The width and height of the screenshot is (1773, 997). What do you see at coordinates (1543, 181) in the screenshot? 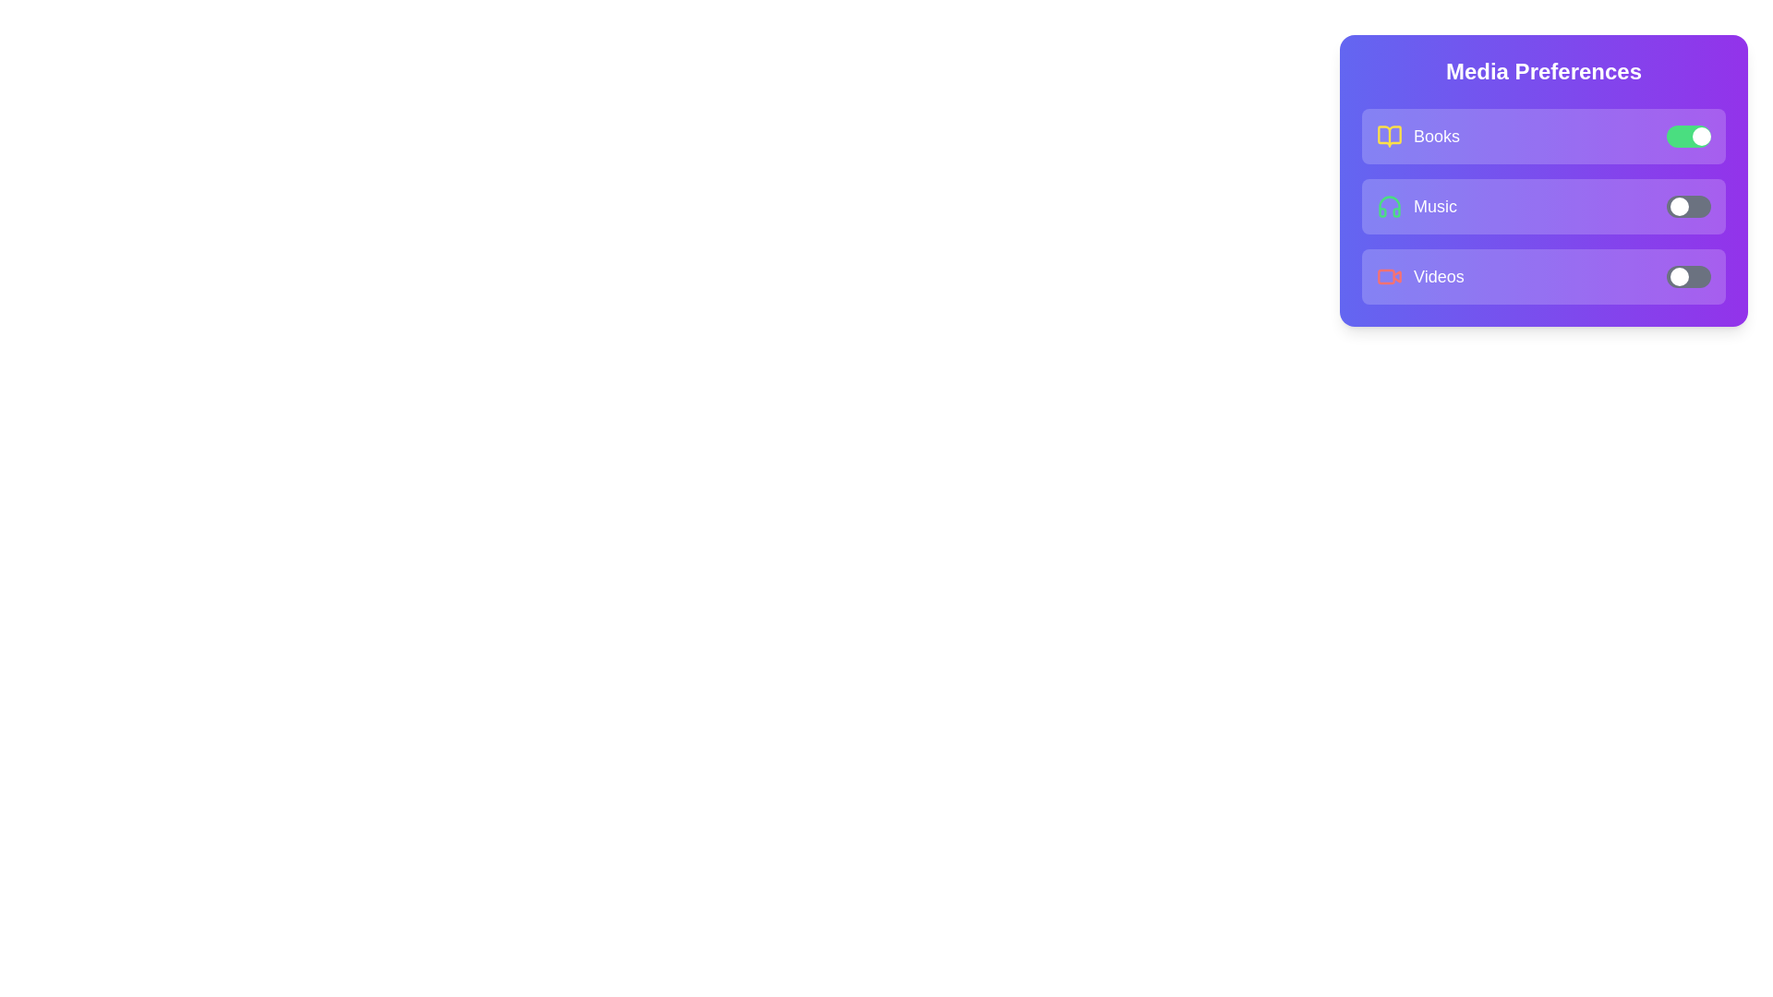
I see `the toggle switch on the 'Music' preference-setting component` at bounding box center [1543, 181].